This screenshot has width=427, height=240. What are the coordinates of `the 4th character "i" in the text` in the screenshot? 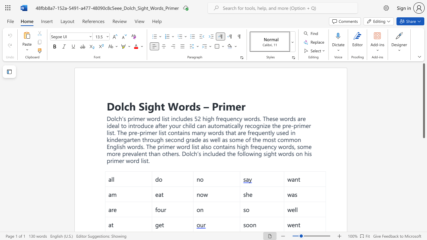 It's located at (308, 153).